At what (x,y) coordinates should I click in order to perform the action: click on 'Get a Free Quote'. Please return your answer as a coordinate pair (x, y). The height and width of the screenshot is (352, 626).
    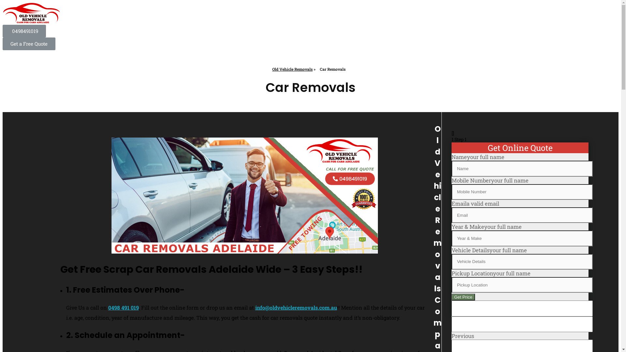
    Looking at the image, I should click on (29, 44).